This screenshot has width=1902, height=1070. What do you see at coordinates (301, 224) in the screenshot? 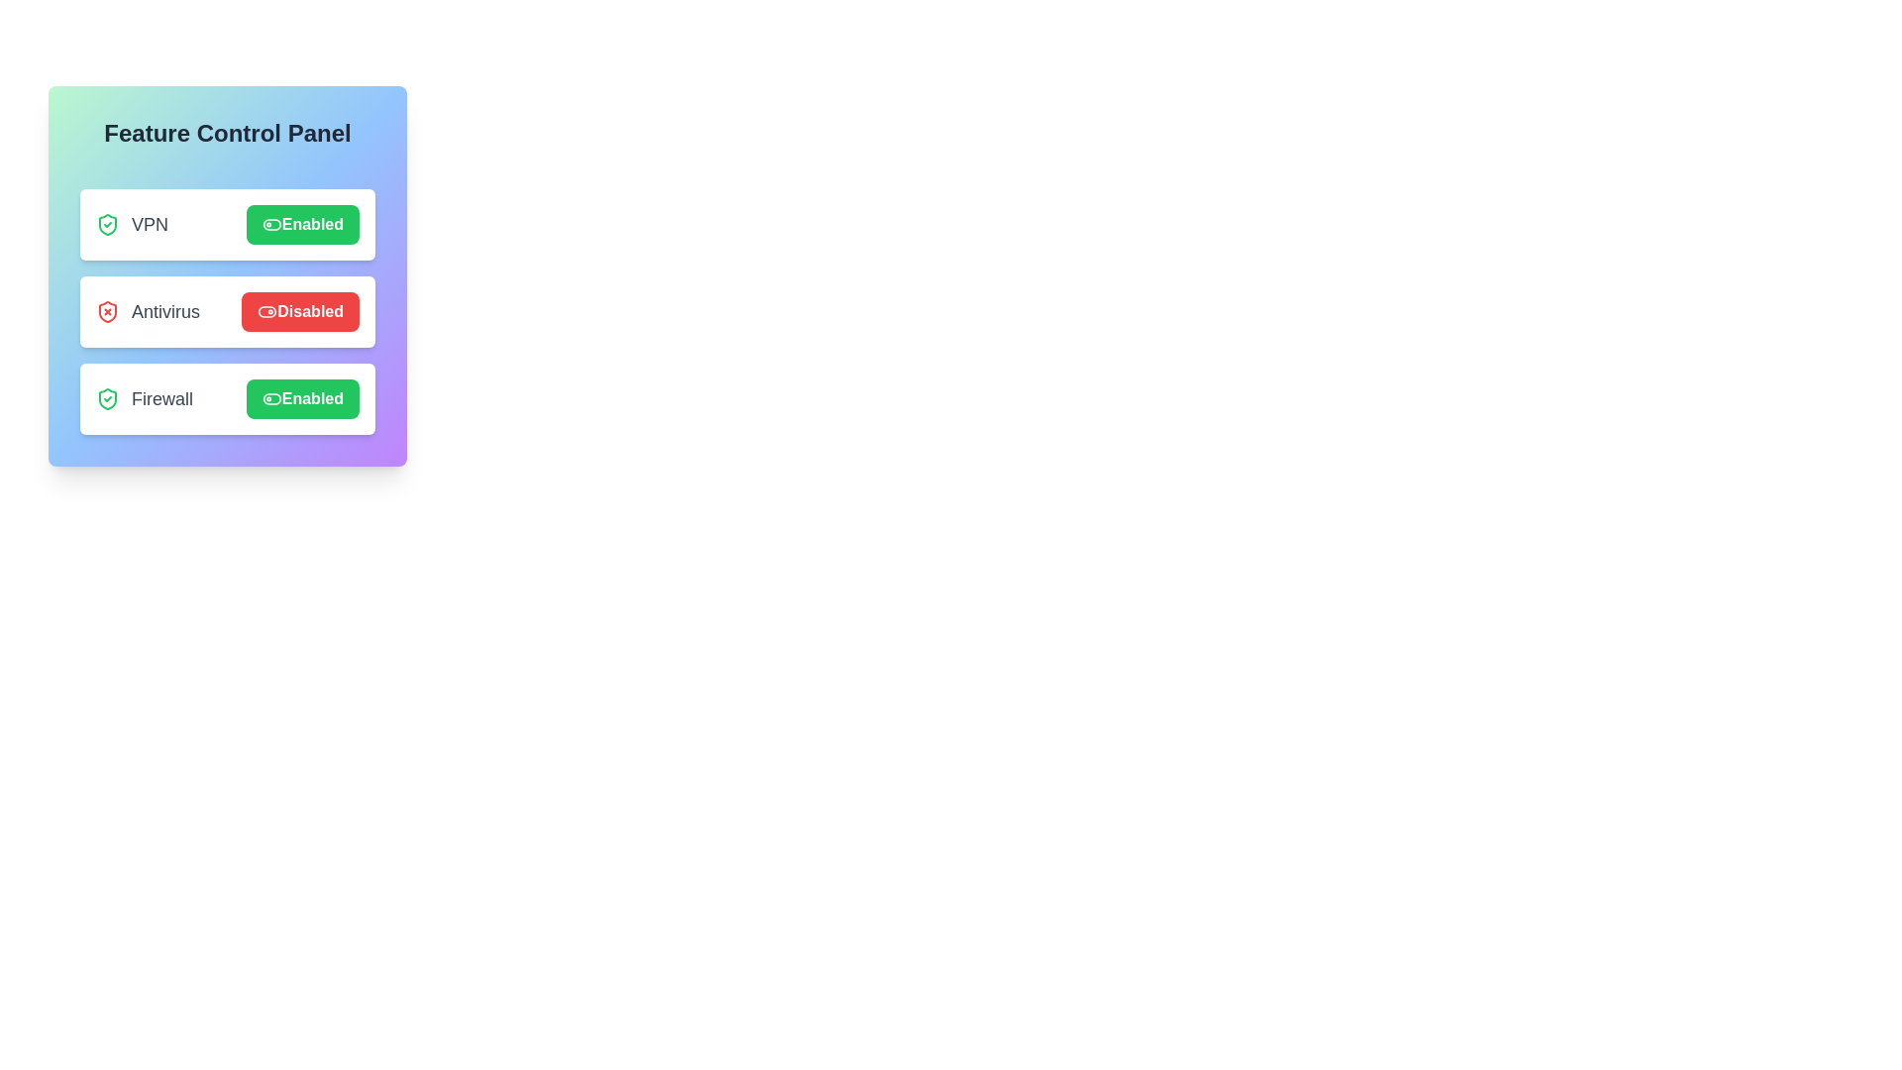
I see `the VPN button to observe visual changes` at bounding box center [301, 224].